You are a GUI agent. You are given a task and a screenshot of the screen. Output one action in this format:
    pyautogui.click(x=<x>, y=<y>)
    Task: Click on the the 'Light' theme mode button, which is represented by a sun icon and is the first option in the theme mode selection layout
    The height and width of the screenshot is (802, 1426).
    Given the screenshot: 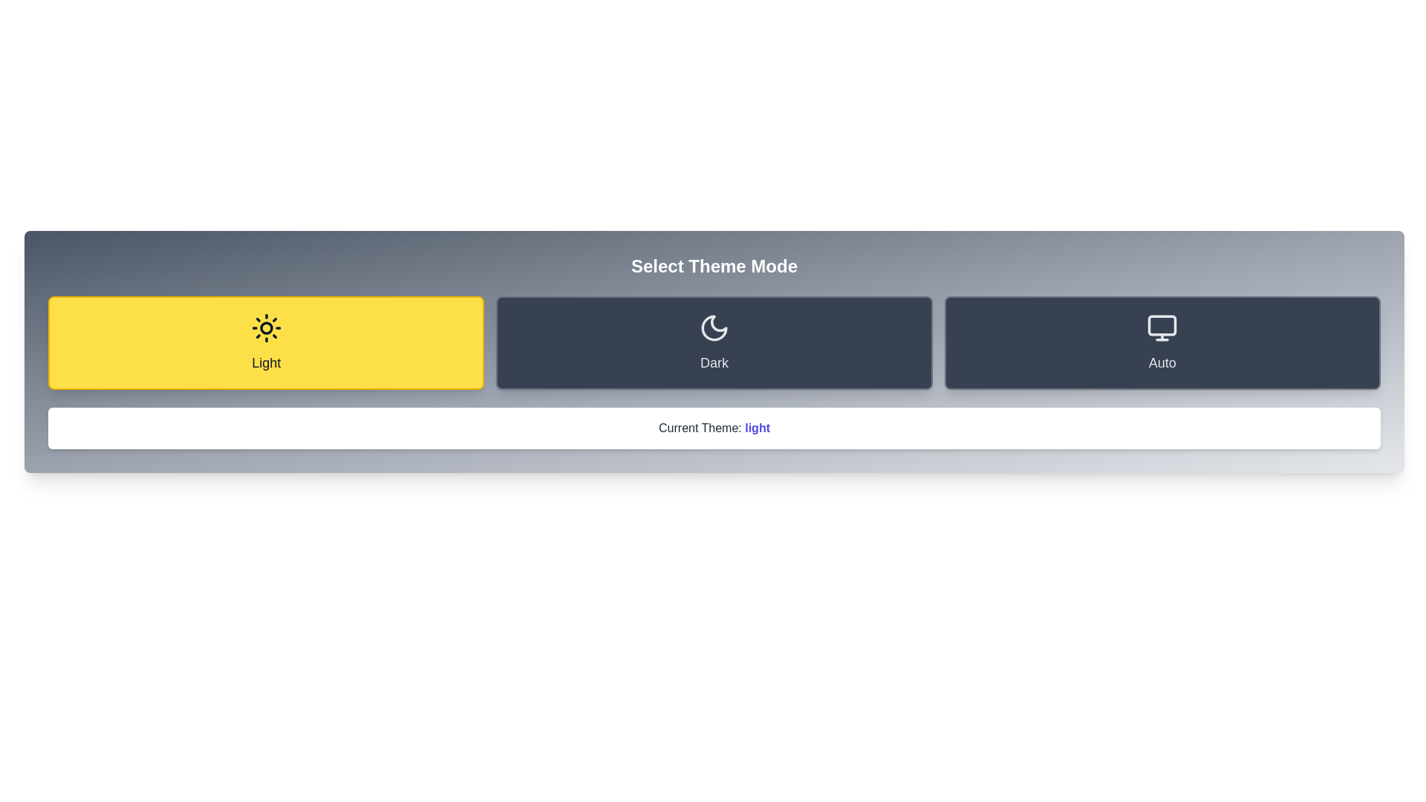 What is the action you would take?
    pyautogui.click(x=266, y=327)
    